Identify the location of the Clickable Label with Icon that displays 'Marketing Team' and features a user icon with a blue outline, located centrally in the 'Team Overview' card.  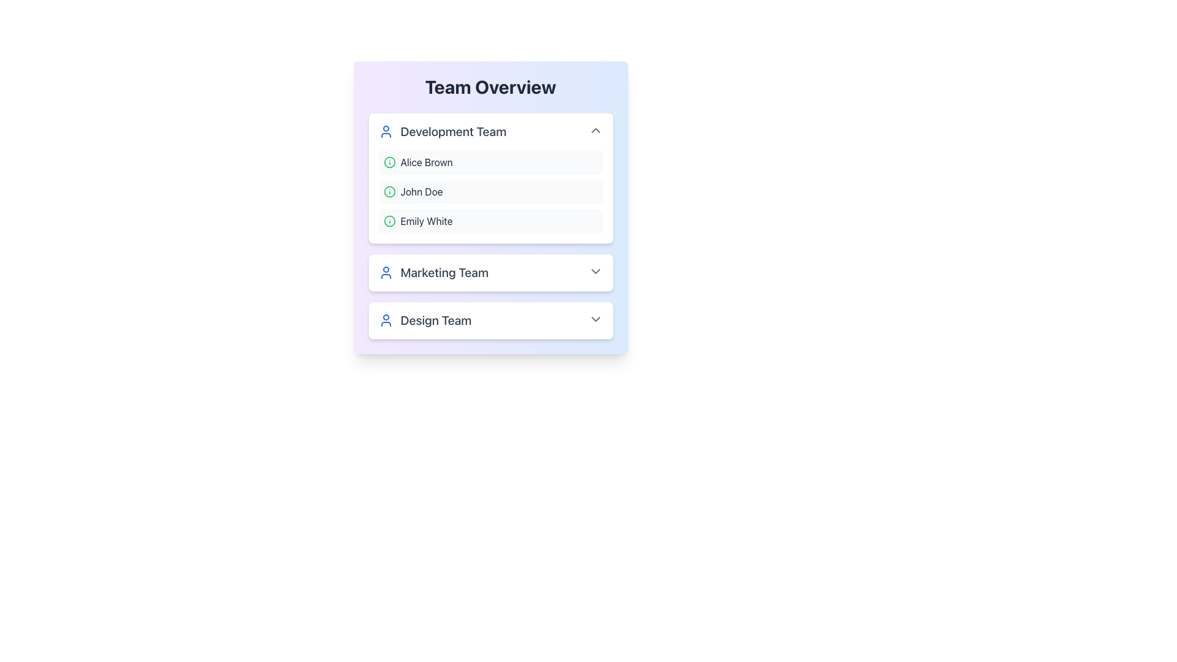
(433, 272).